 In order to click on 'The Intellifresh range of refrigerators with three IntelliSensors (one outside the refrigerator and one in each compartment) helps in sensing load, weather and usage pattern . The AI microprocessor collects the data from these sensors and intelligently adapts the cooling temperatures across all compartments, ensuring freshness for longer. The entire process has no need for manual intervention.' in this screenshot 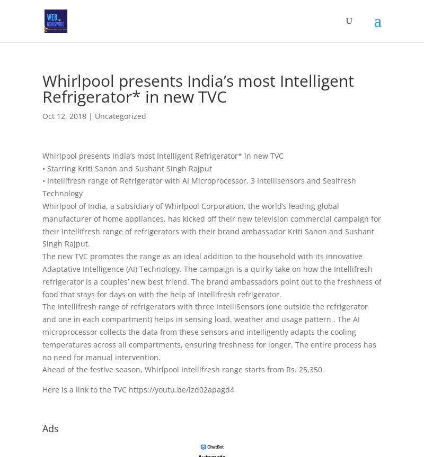, I will do `click(208, 331)`.